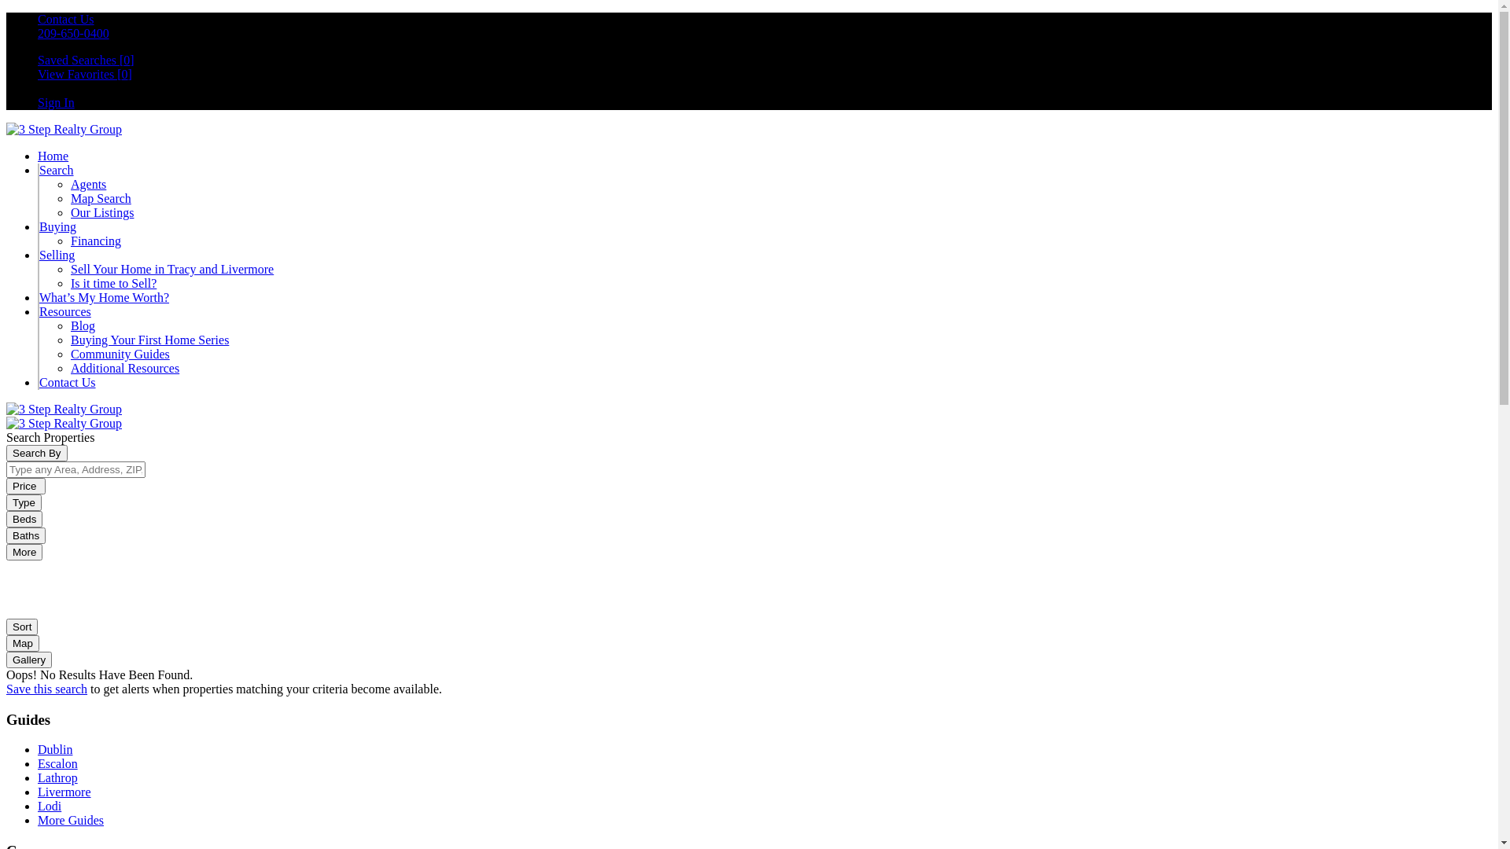 The image size is (1510, 849). What do you see at coordinates (83, 74) in the screenshot?
I see `'View Favorites [0]'` at bounding box center [83, 74].